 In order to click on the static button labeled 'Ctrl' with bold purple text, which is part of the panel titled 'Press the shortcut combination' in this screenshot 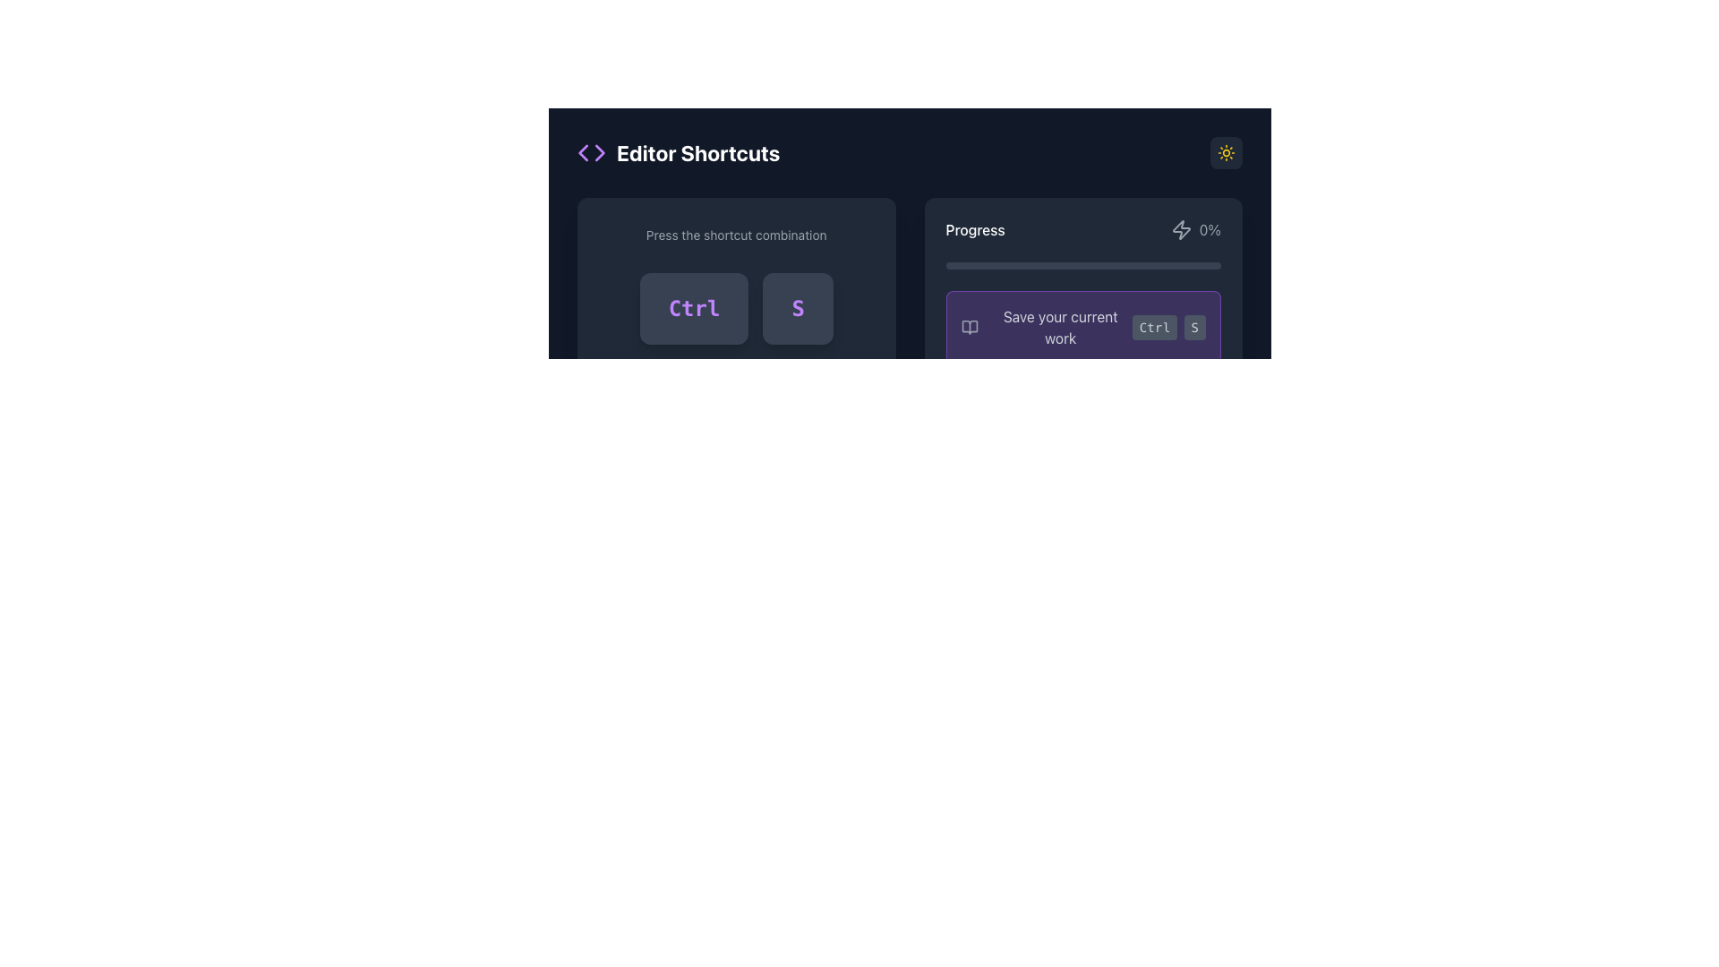, I will do `click(693, 307)`.